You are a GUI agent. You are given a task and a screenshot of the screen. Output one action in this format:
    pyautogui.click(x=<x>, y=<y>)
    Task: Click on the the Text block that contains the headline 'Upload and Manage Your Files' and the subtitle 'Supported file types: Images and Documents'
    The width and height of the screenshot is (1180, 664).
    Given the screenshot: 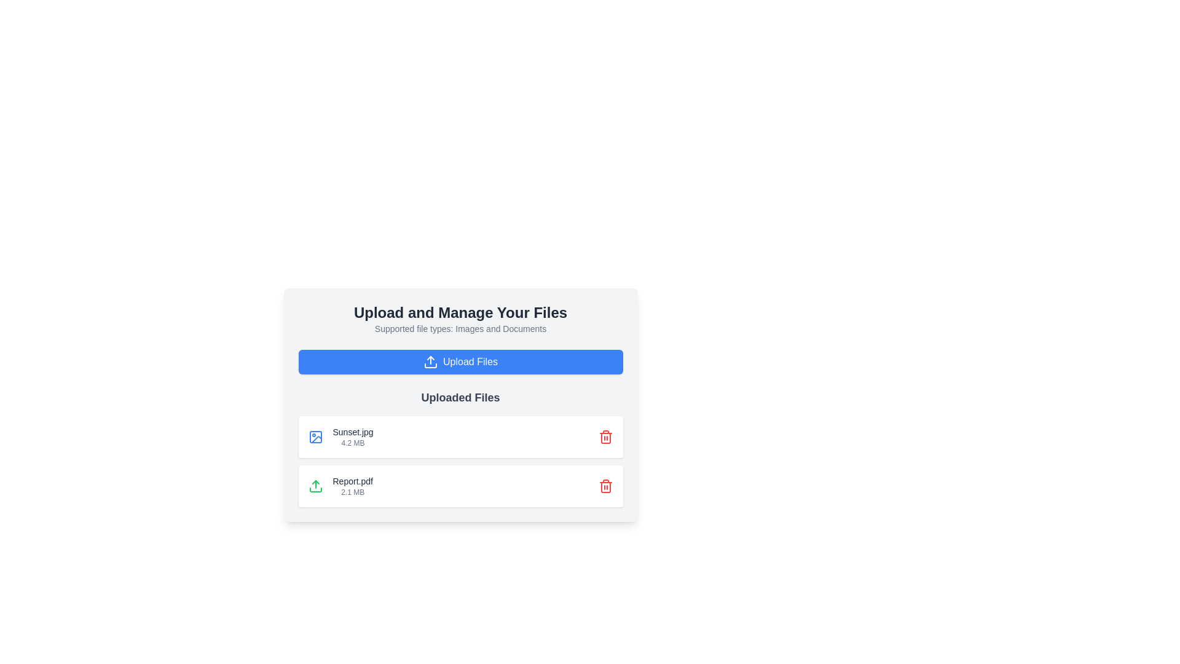 What is the action you would take?
    pyautogui.click(x=460, y=318)
    